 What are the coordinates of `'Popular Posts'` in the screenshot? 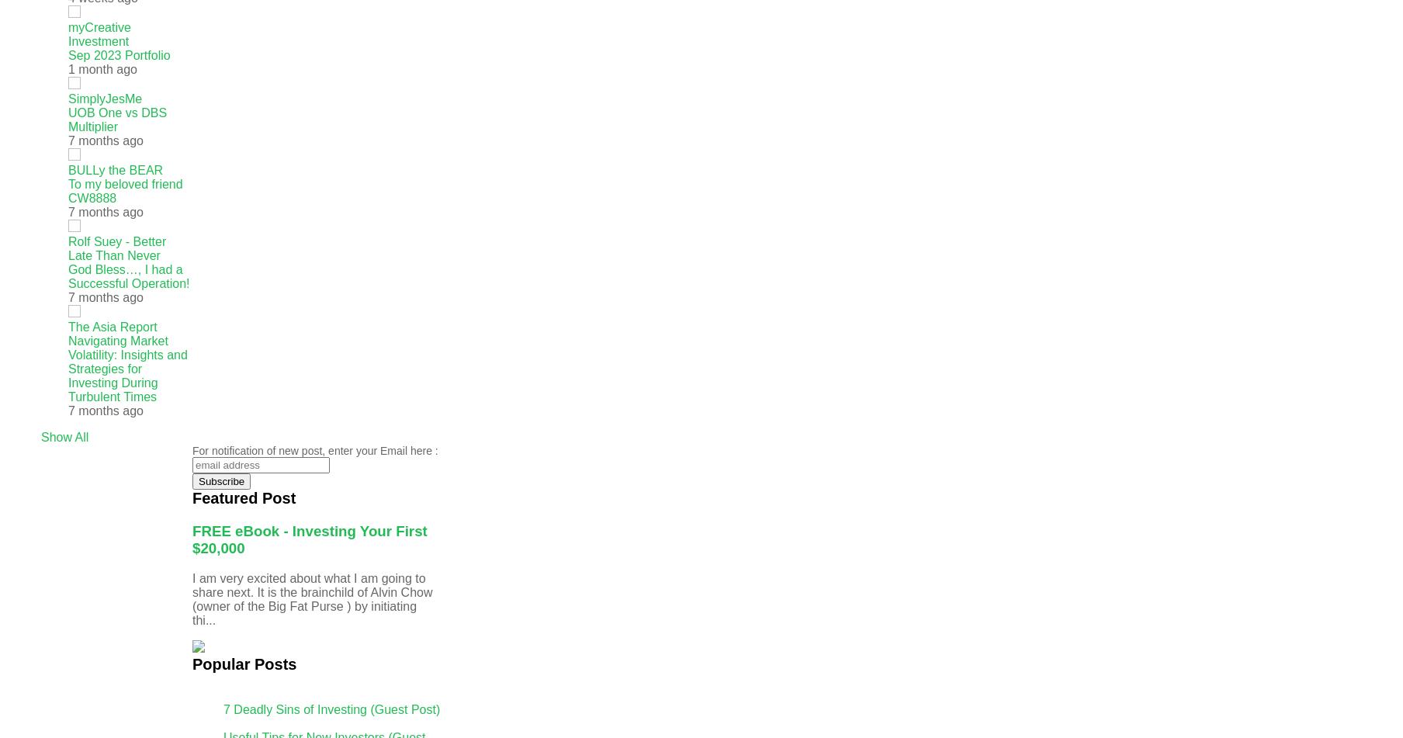 It's located at (244, 663).